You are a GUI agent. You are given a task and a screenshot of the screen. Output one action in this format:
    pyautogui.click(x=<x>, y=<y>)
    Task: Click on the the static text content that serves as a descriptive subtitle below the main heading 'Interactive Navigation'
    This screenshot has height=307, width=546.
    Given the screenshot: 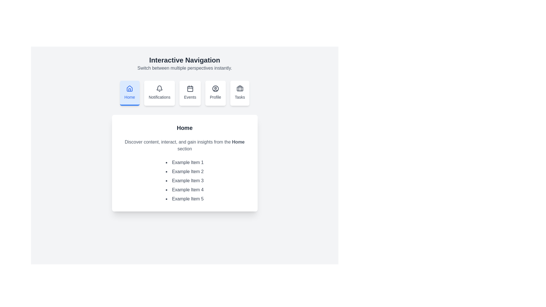 What is the action you would take?
    pyautogui.click(x=185, y=68)
    